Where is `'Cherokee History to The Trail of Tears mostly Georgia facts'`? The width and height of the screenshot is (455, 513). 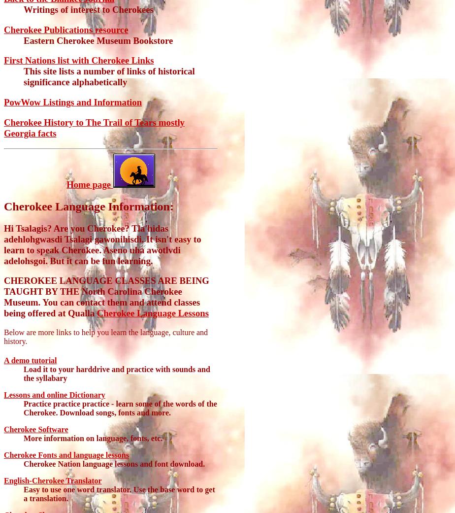
'Cherokee History to The Trail of Tears mostly Georgia facts' is located at coordinates (94, 127).